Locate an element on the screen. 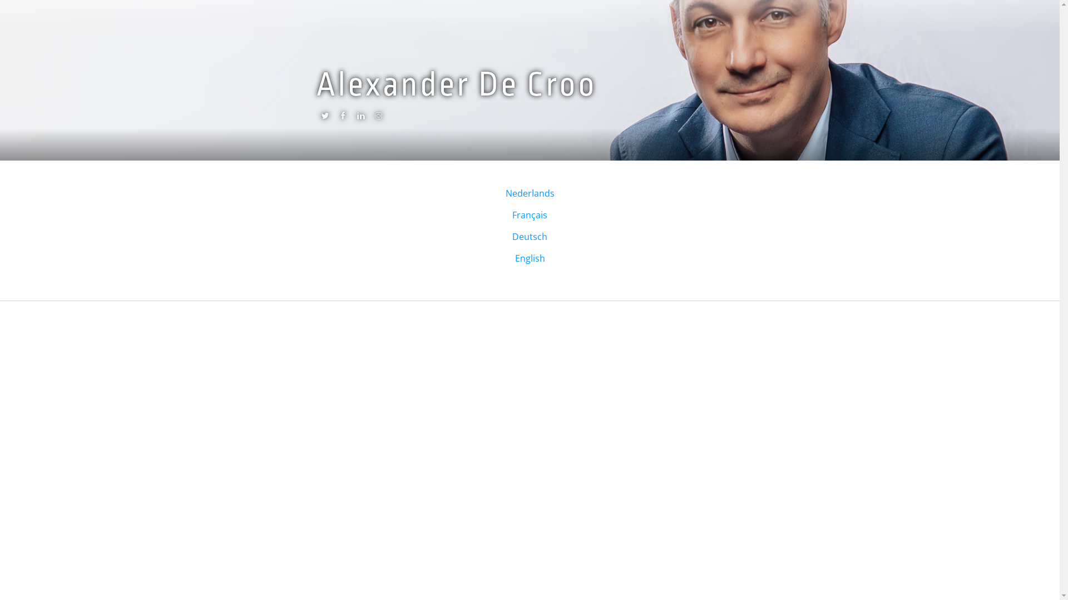 The height and width of the screenshot is (600, 1068). 'Nederlands' is located at coordinates (504, 192).